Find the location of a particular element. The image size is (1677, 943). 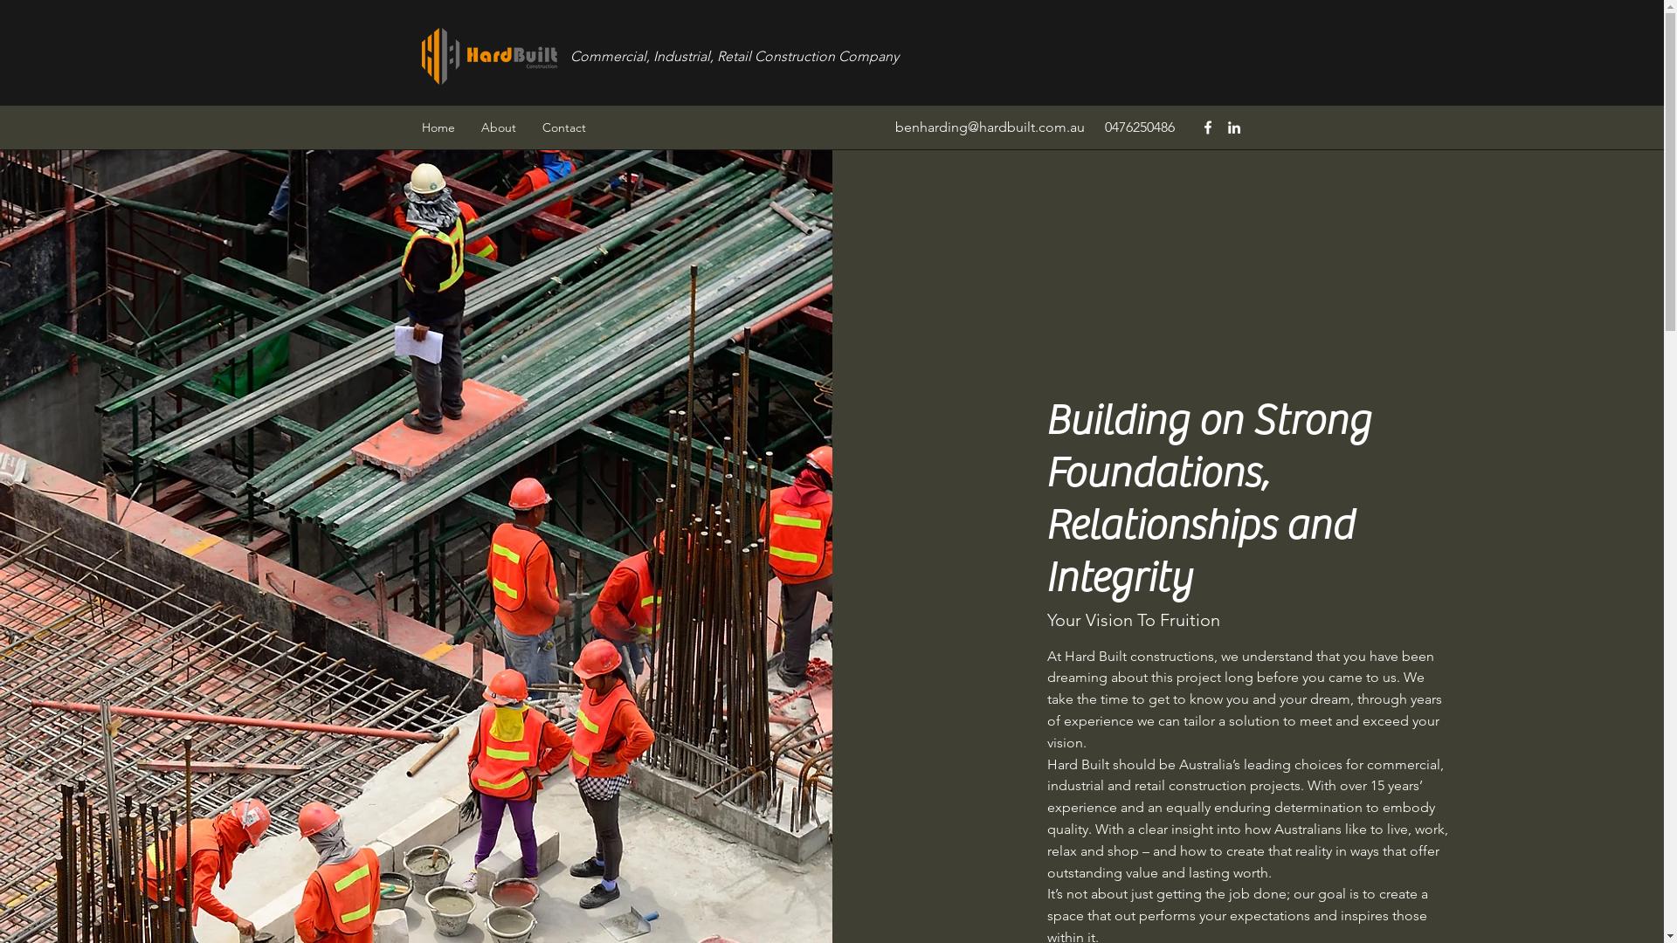

'Home' is located at coordinates (407, 127).